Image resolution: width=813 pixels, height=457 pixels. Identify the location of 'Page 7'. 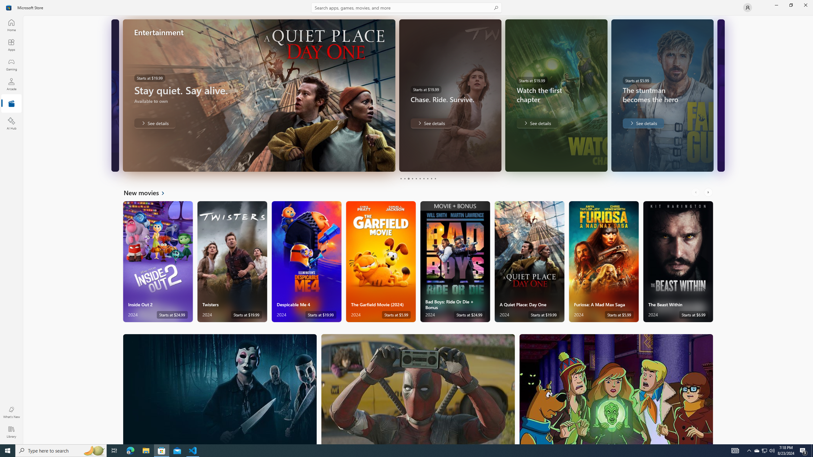
(423, 178).